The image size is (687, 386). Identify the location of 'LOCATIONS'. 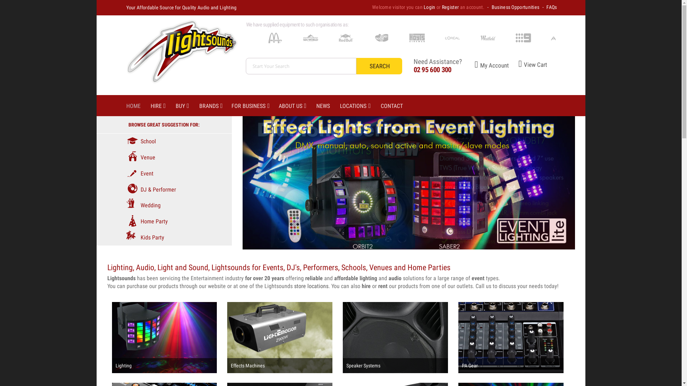
(360, 106).